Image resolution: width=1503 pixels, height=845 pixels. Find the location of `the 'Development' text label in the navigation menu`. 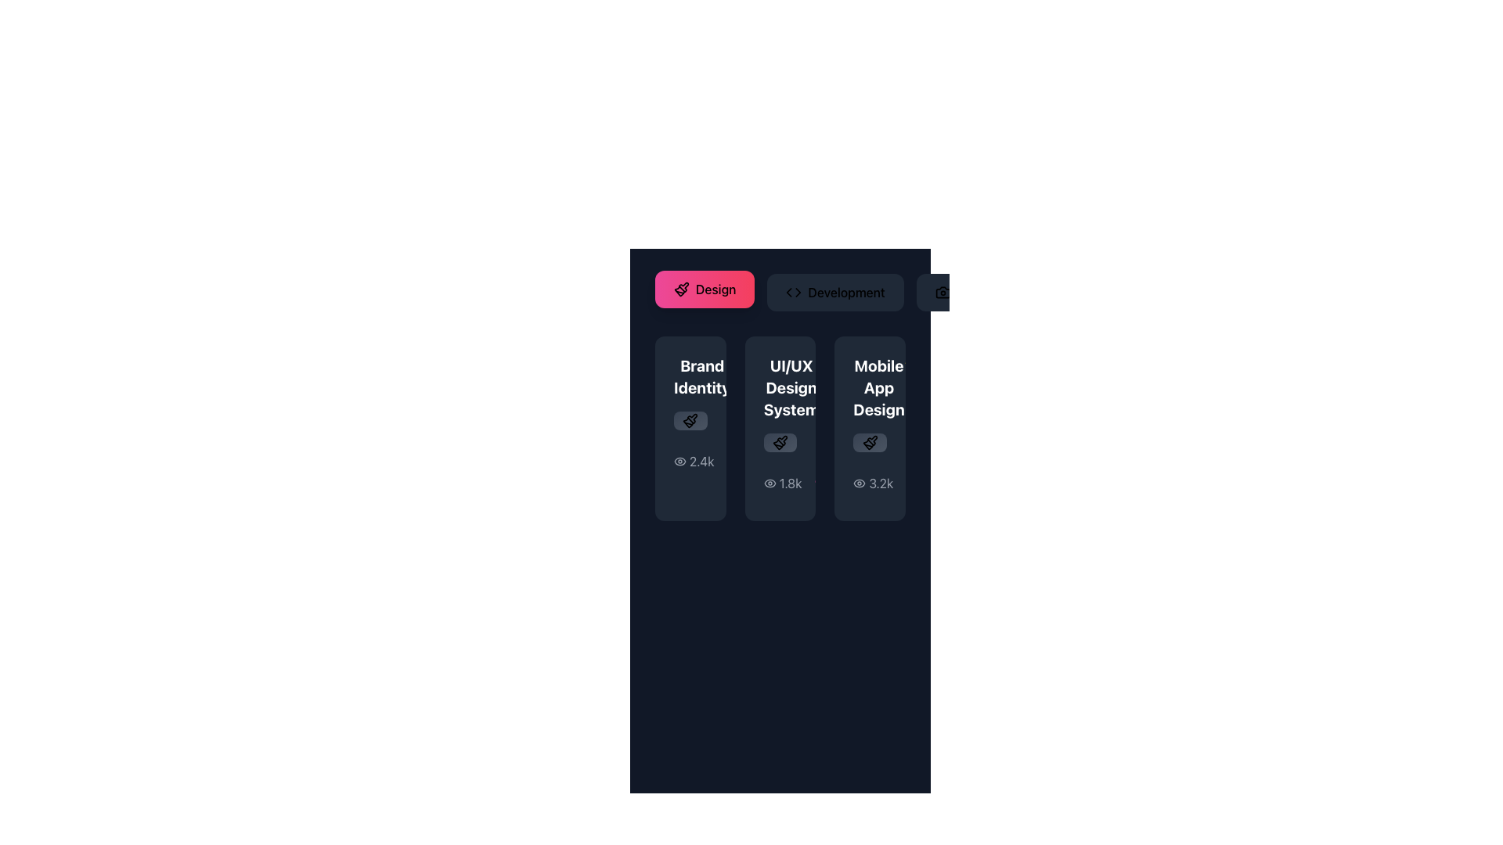

the 'Development' text label in the navigation menu is located at coordinates (845, 293).